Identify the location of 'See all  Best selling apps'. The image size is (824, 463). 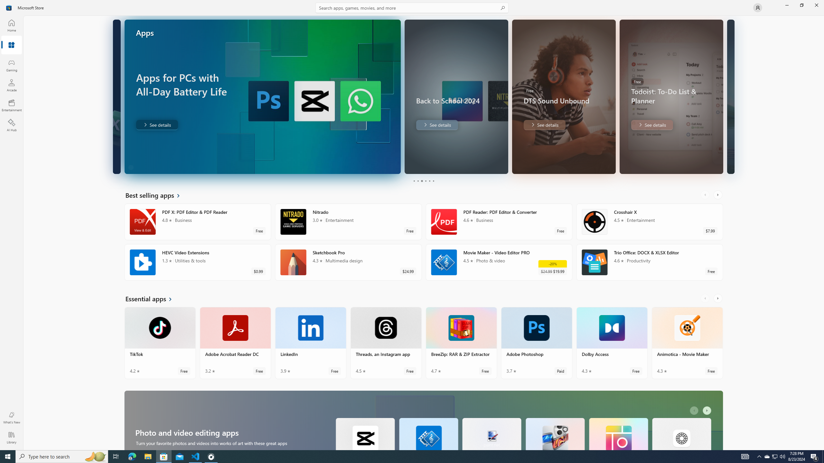
(156, 195).